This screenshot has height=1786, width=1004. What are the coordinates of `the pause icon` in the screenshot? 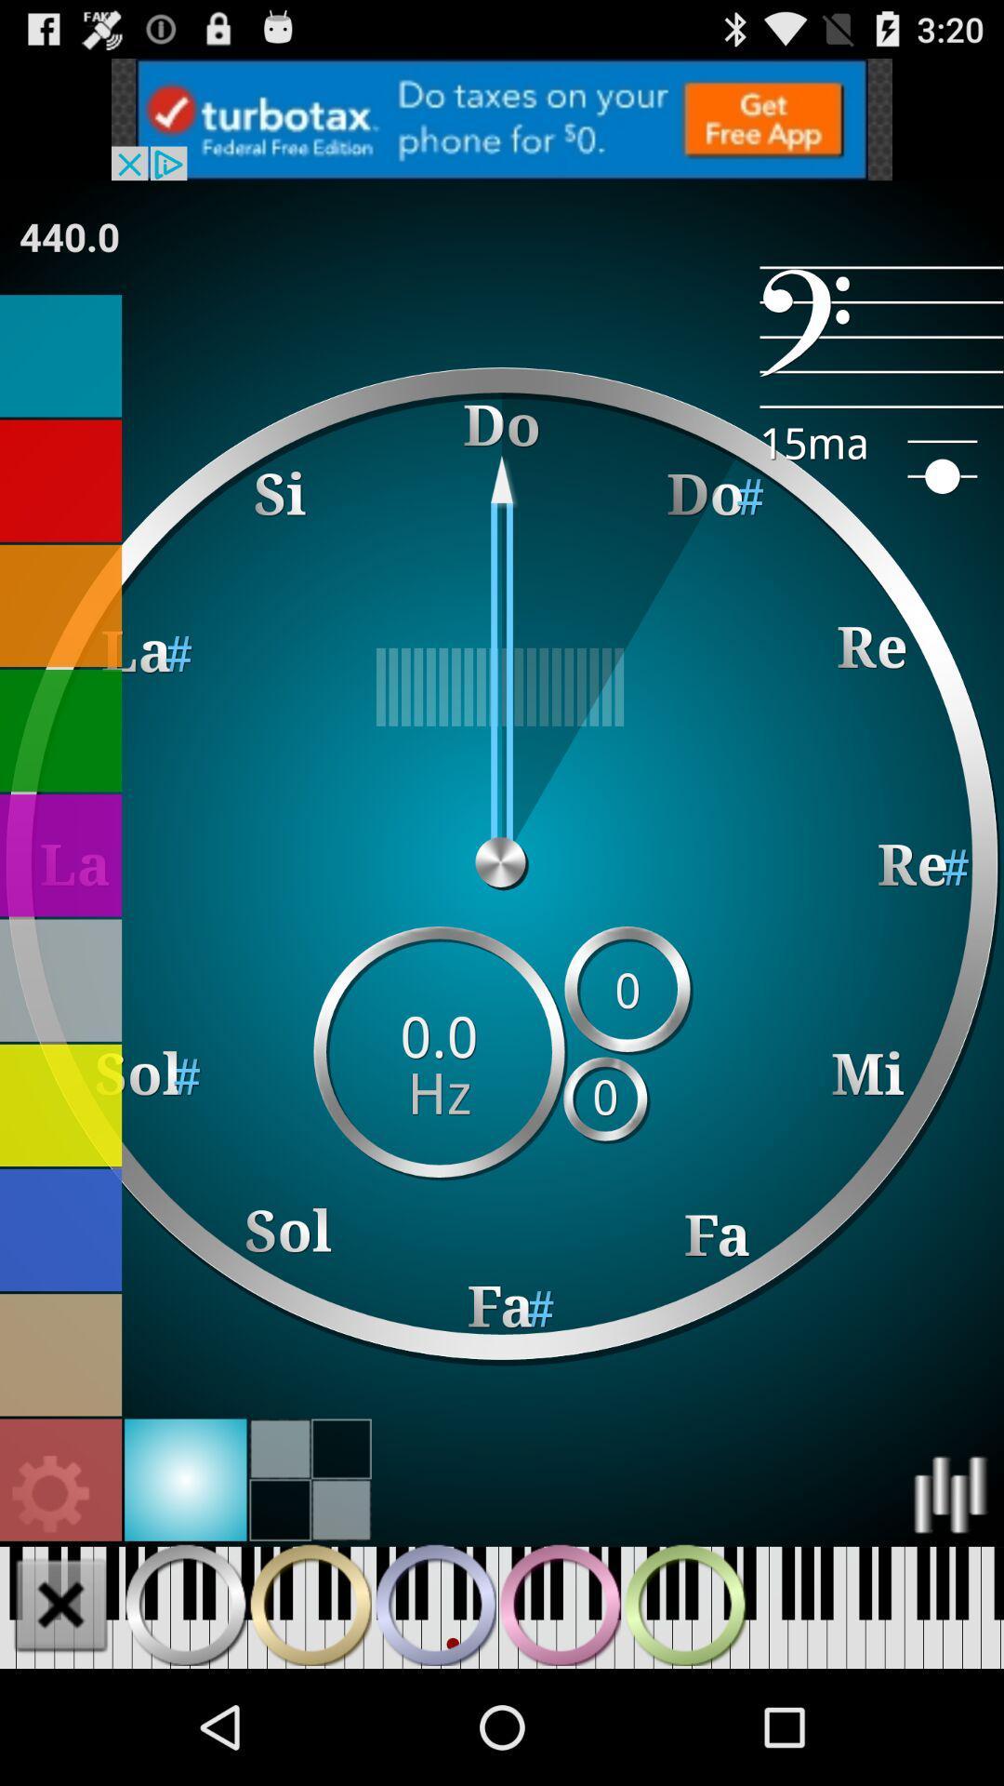 It's located at (310, 1716).